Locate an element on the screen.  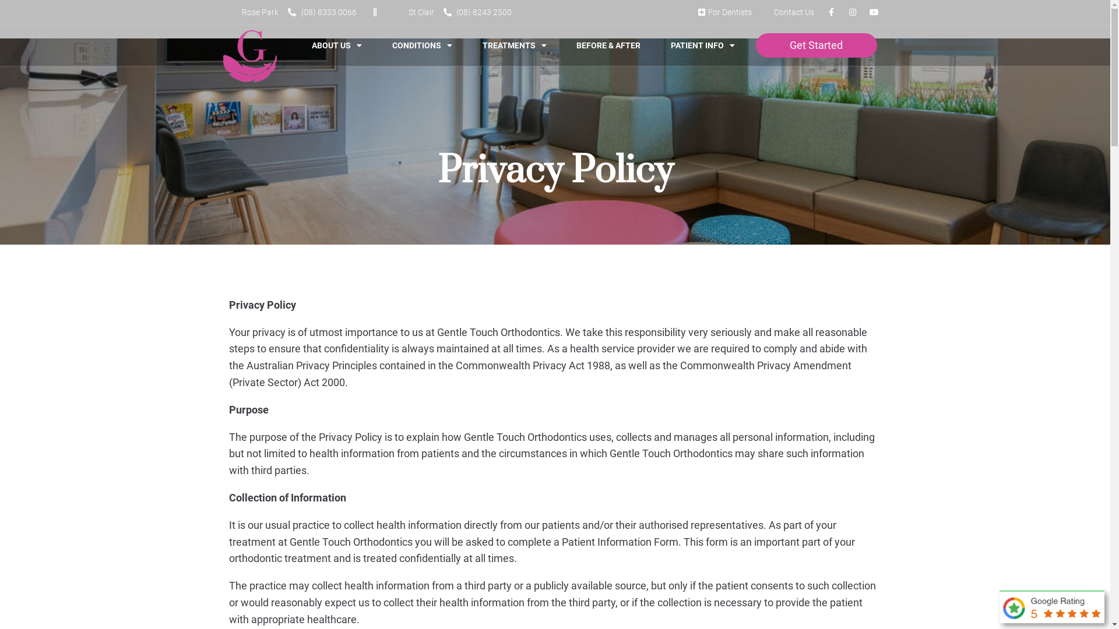
'TREATMENTS' is located at coordinates (473, 44).